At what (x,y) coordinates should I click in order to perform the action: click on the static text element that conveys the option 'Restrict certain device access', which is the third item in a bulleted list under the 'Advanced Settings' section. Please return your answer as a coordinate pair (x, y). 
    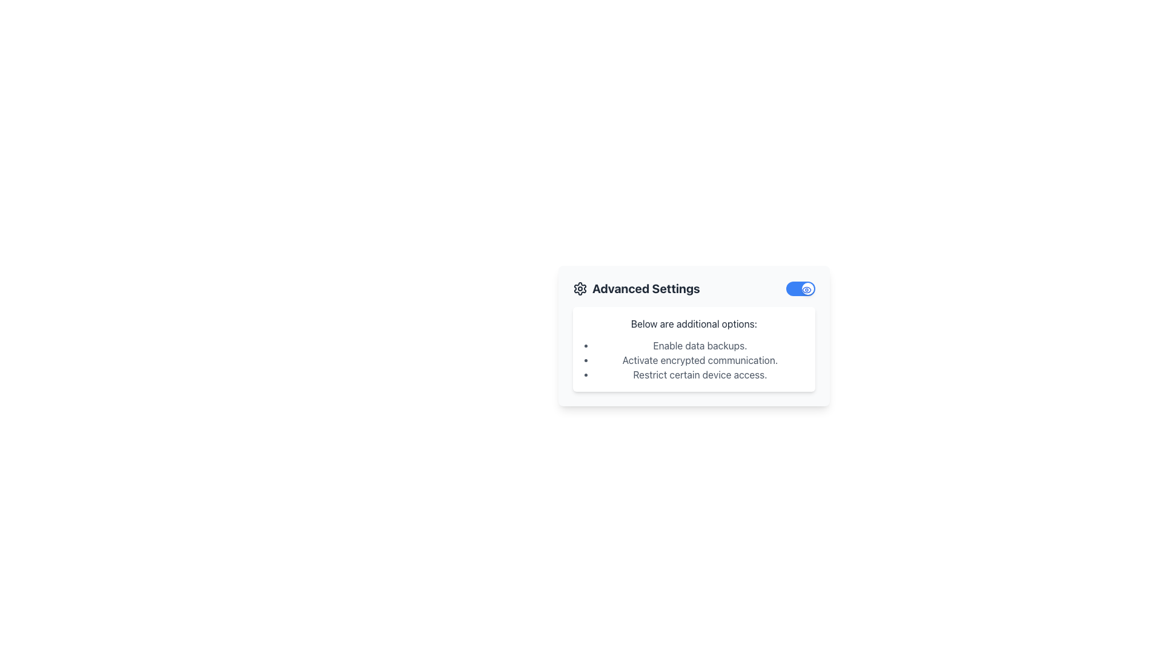
    Looking at the image, I should click on (700, 374).